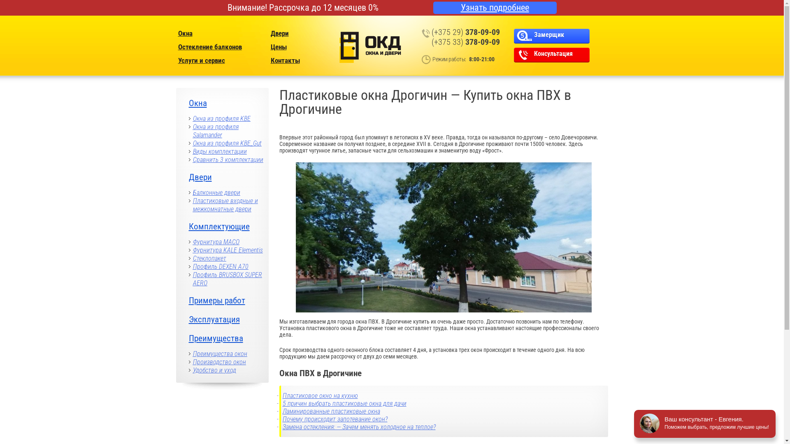 The height and width of the screenshot is (444, 790). What do you see at coordinates (466, 42) in the screenshot?
I see `'(+375 33) 378-09-09'` at bounding box center [466, 42].